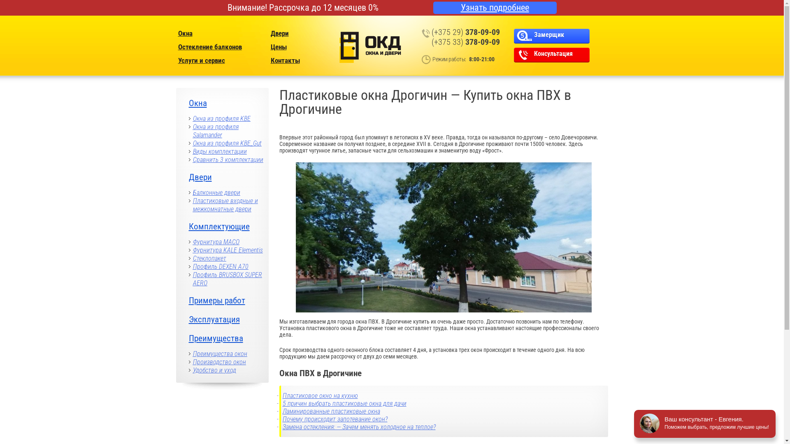 The height and width of the screenshot is (444, 790). What do you see at coordinates (466, 42) in the screenshot?
I see `'(+375 33) 378-09-09'` at bounding box center [466, 42].